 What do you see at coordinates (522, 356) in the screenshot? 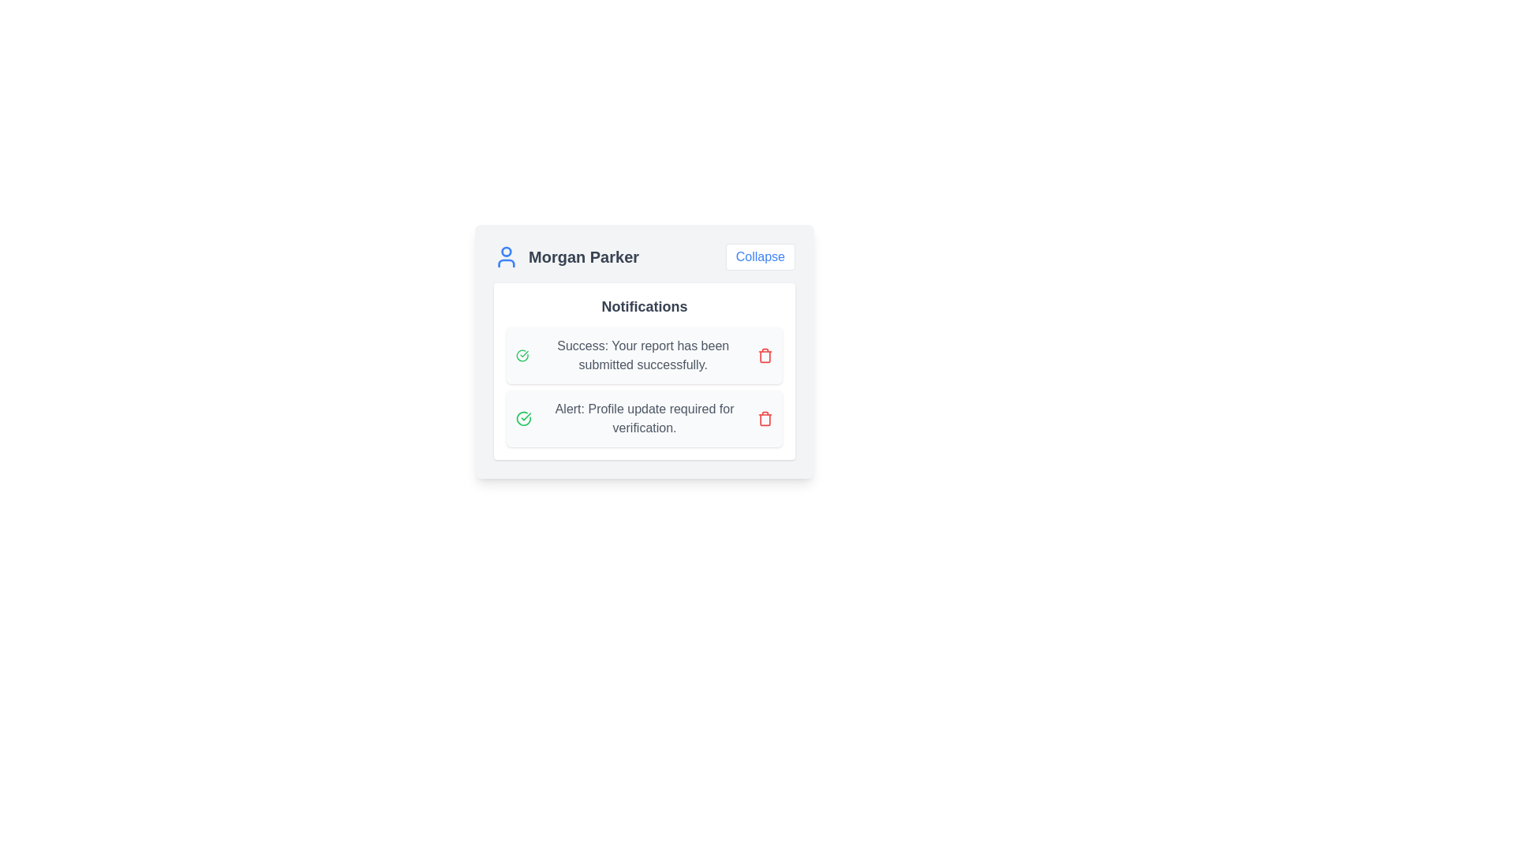
I see `the success icon located in the upper notification row of the card titled 'Notifications', positioned at the far left of the row that indicates 'Success: Your report has been submitted successfully.'` at bounding box center [522, 356].